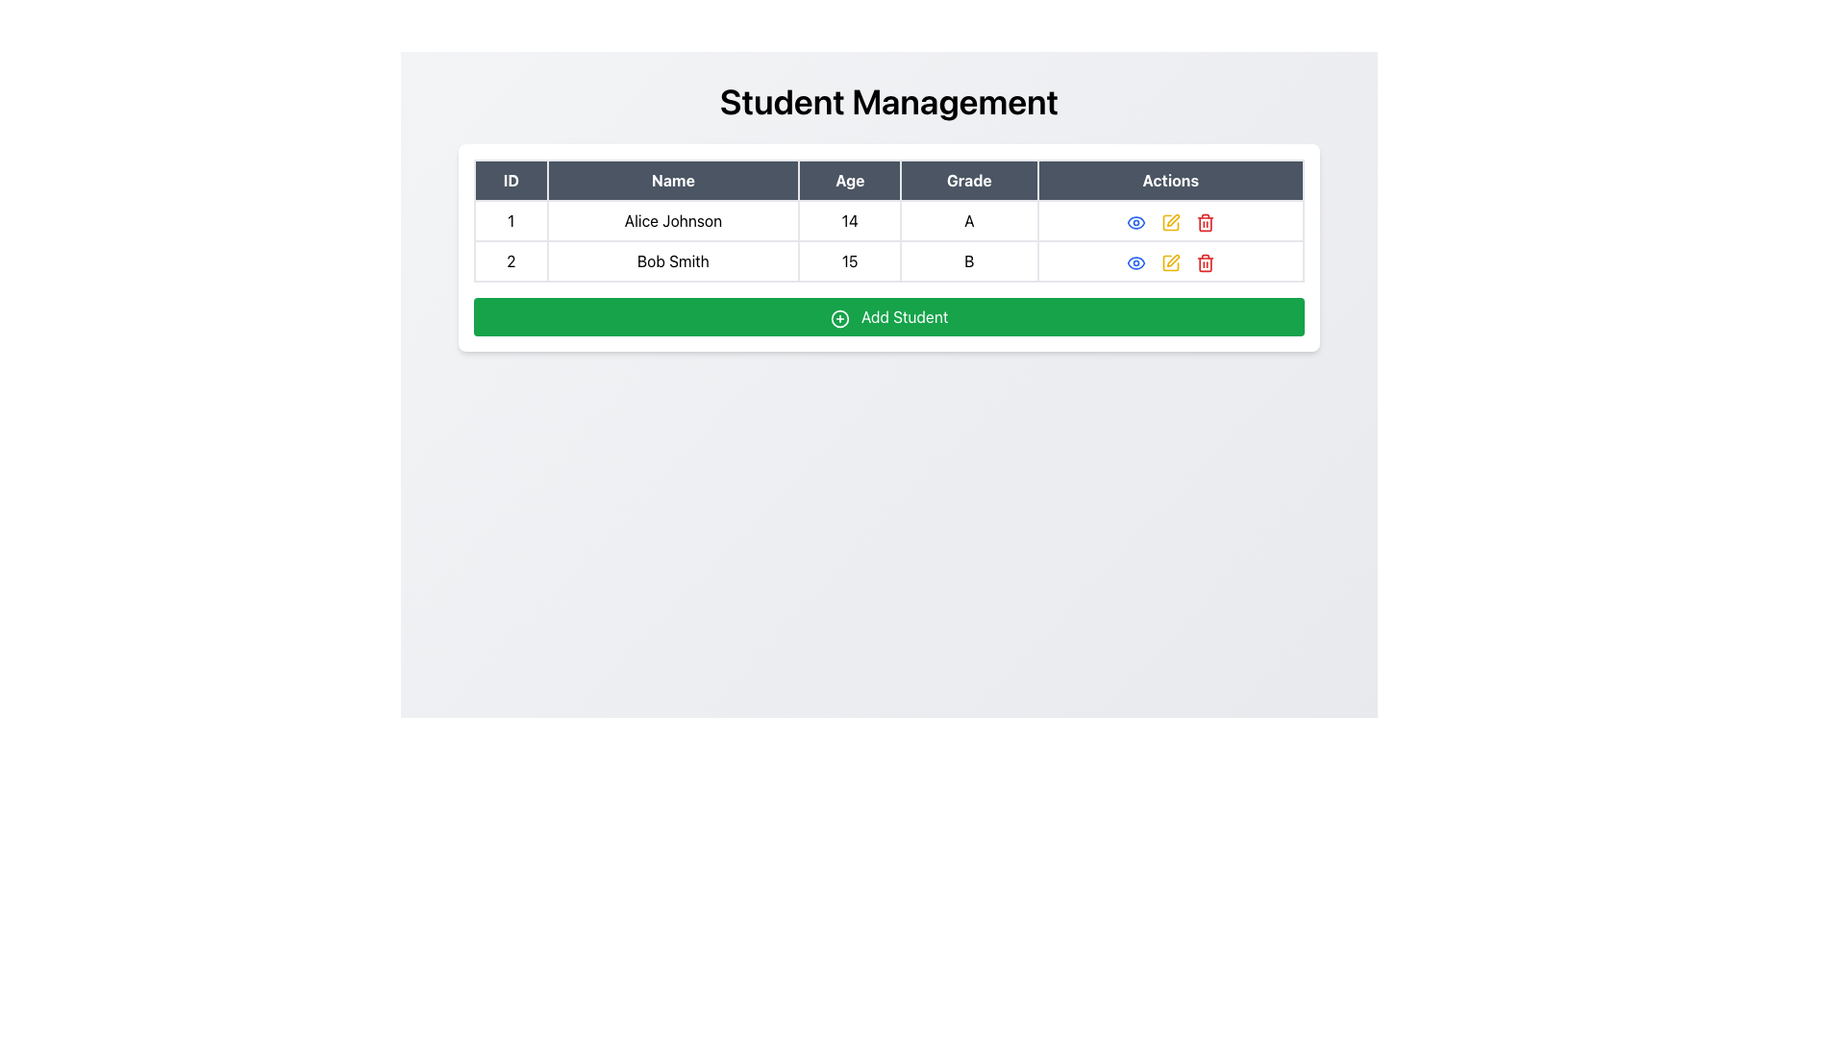 Image resolution: width=1846 pixels, height=1038 pixels. What do you see at coordinates (1169, 181) in the screenshot?
I see `the Table Header Cell that serves as the header label for the 'Actions' column in the table, which is located in the last column of the header row, following the 'Grade' column` at bounding box center [1169, 181].